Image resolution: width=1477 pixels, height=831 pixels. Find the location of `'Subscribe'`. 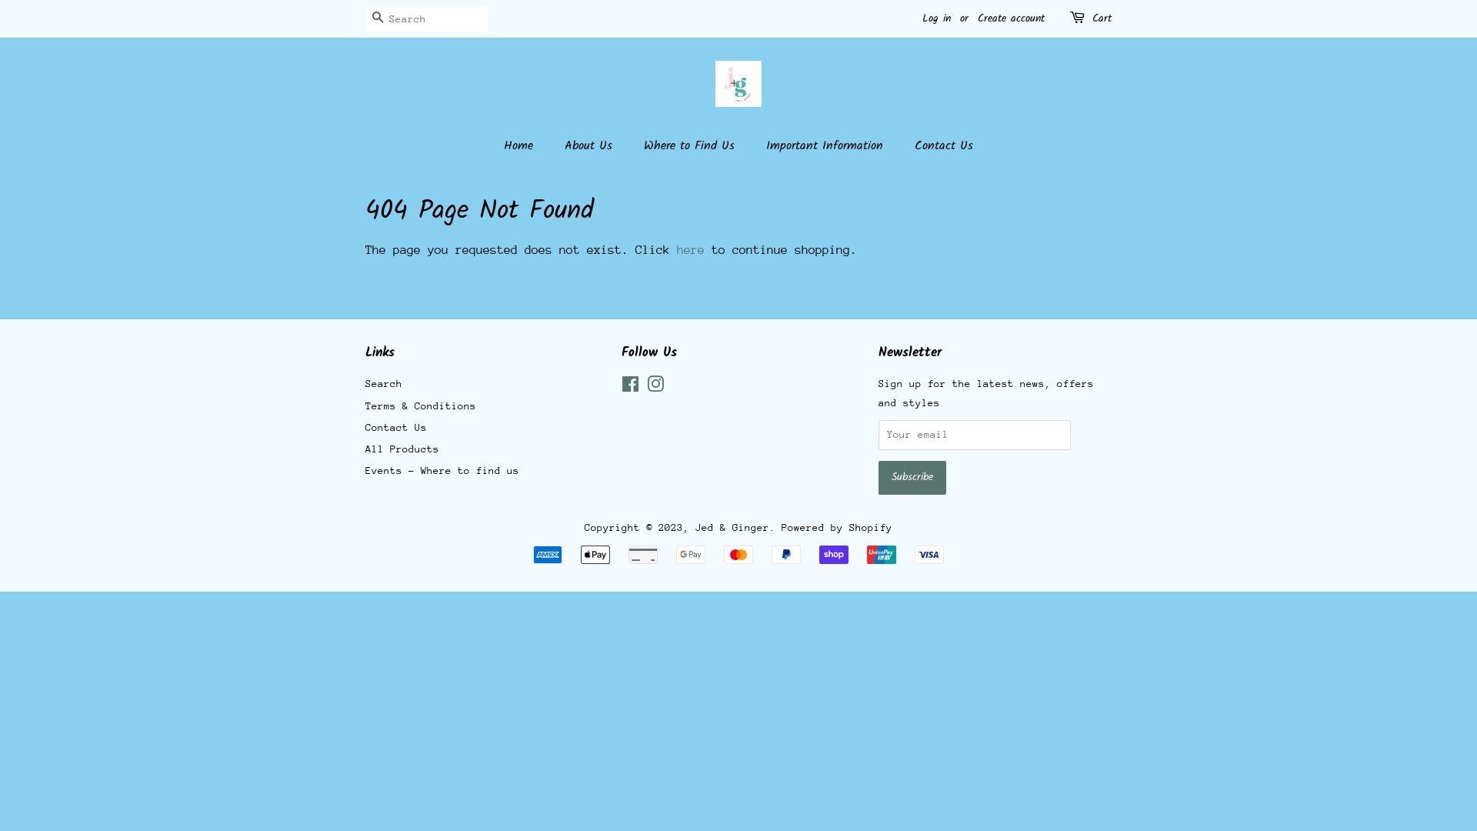

'Subscribe' is located at coordinates (912, 477).